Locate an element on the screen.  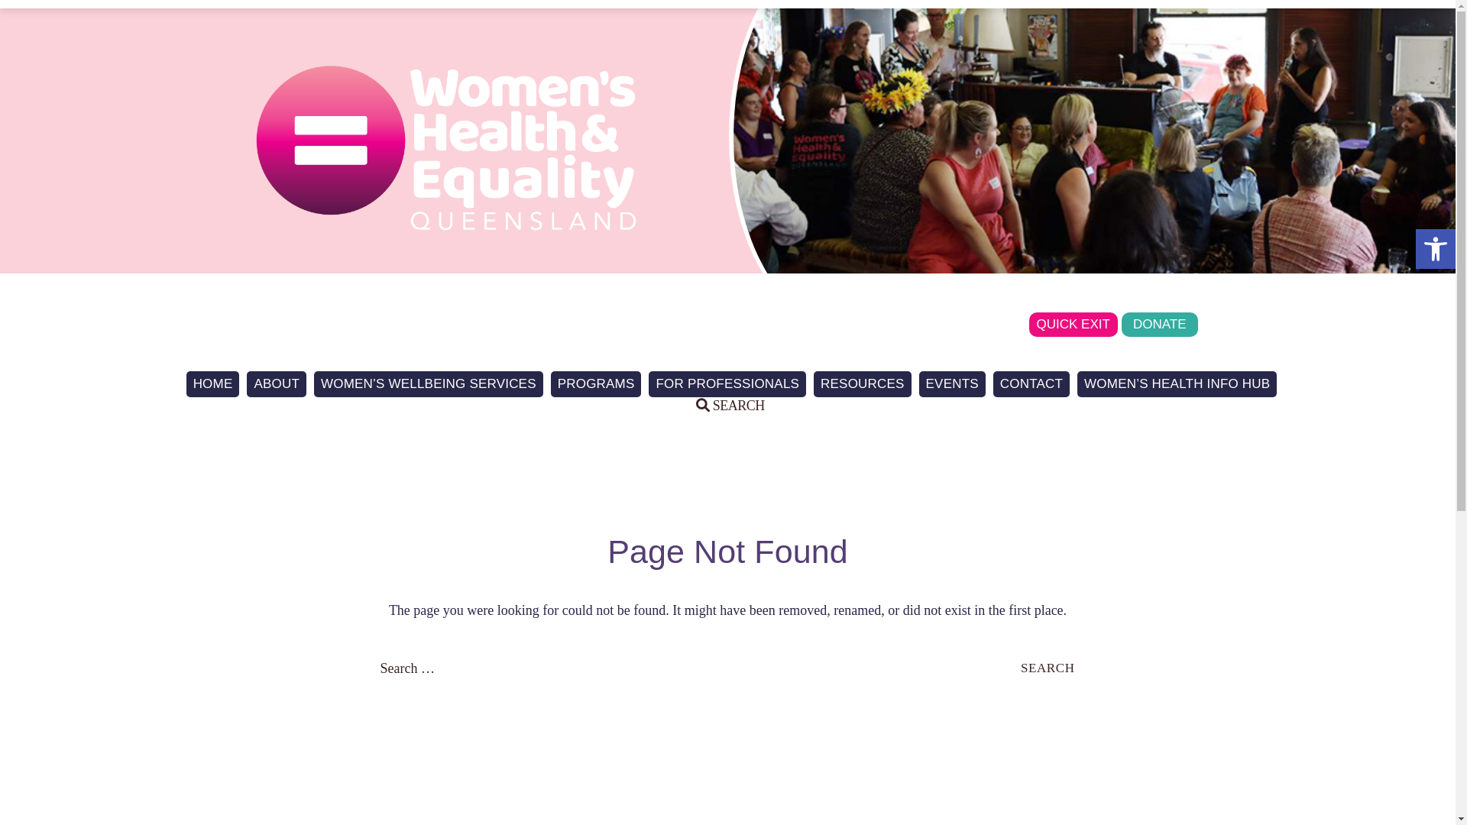
'CONTACT' is located at coordinates (993, 383).